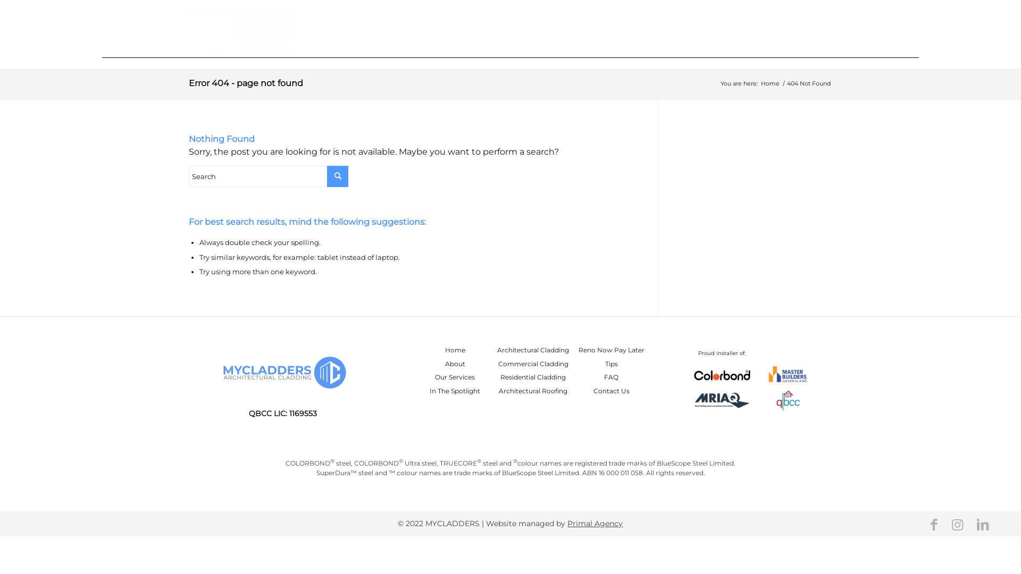 This screenshot has width=1021, height=574. What do you see at coordinates (612, 363) in the screenshot?
I see `'Tips'` at bounding box center [612, 363].